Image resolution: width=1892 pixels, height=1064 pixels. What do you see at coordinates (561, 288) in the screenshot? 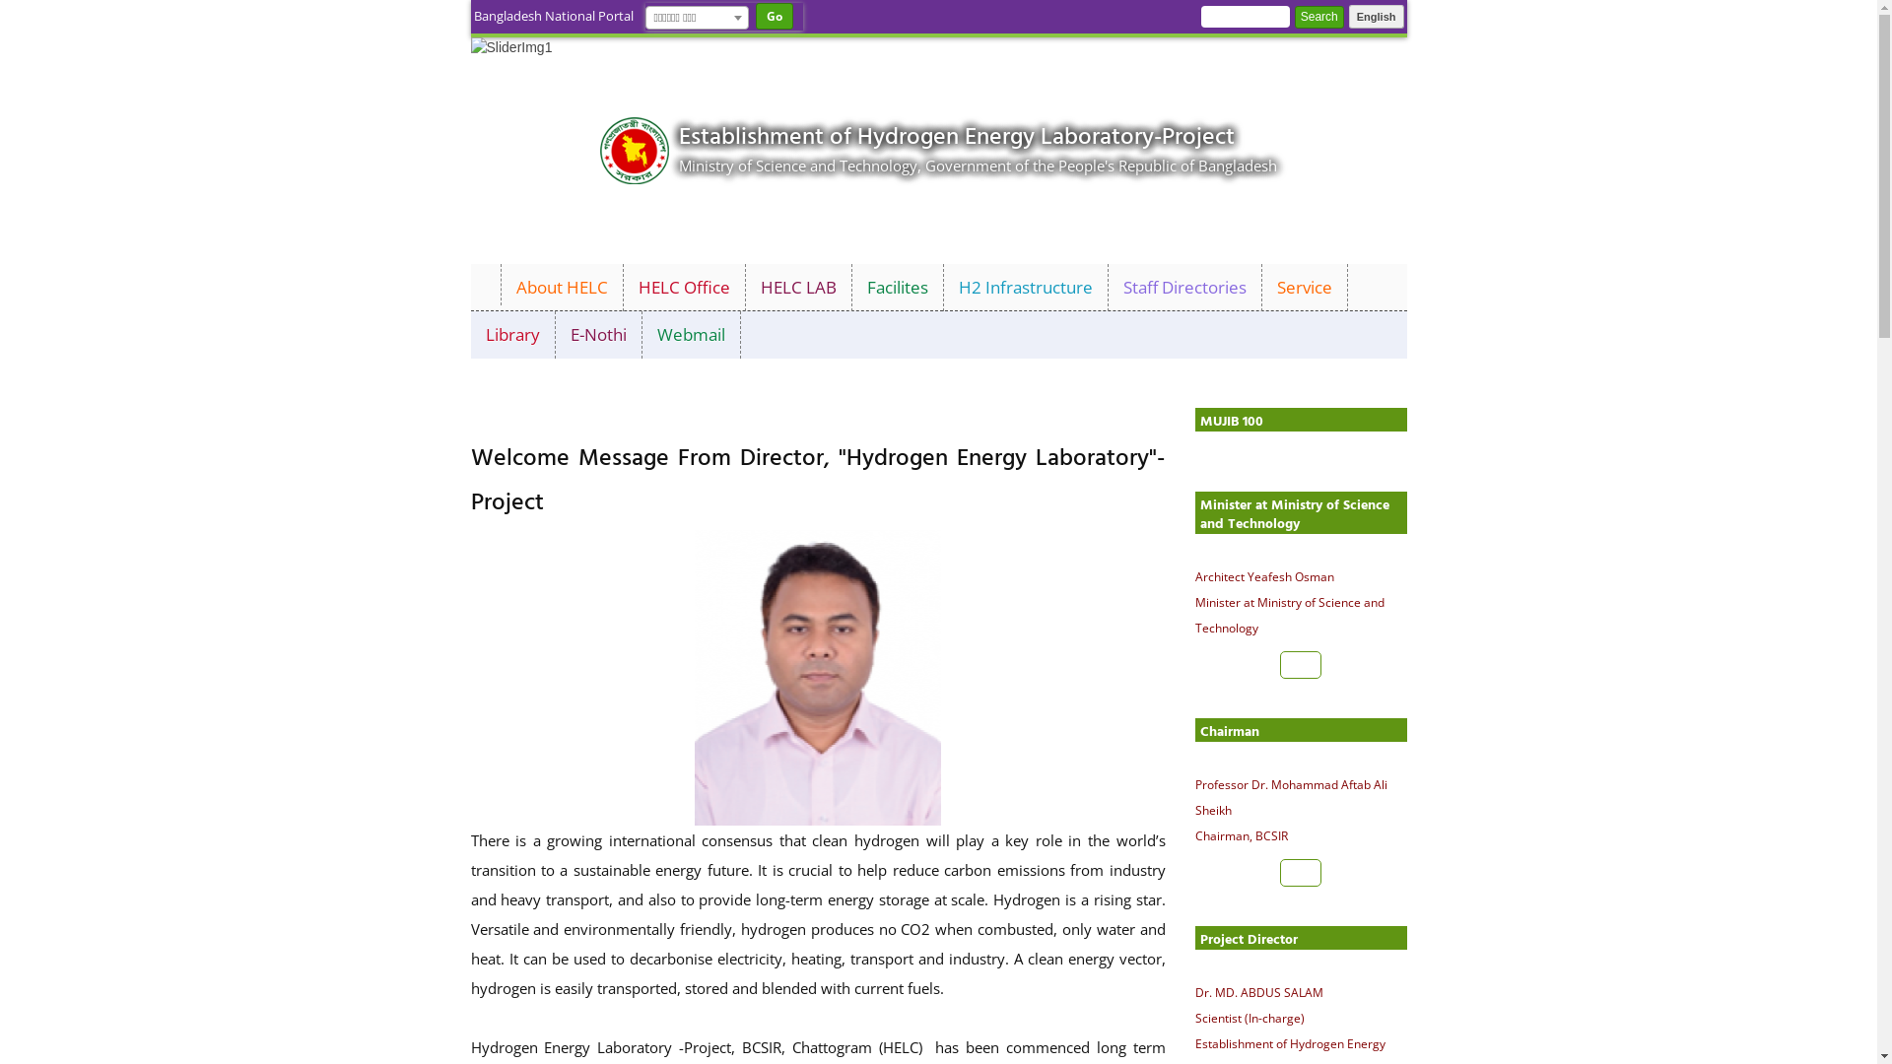
I see `'About HELC'` at bounding box center [561, 288].